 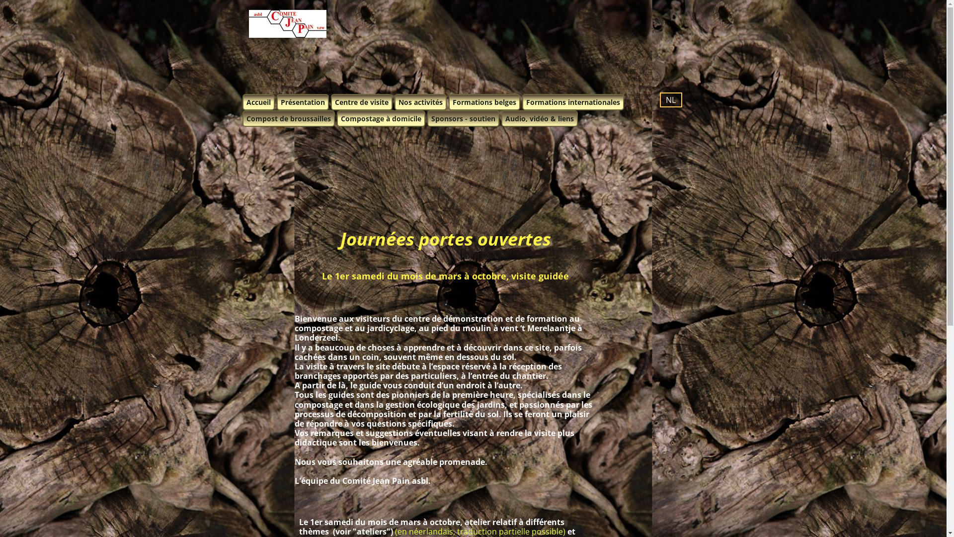 I want to click on 'Centre de visite', so click(x=331, y=101).